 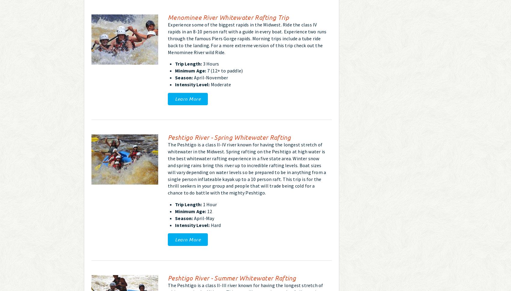 I want to click on 'April-May', so click(x=193, y=218).